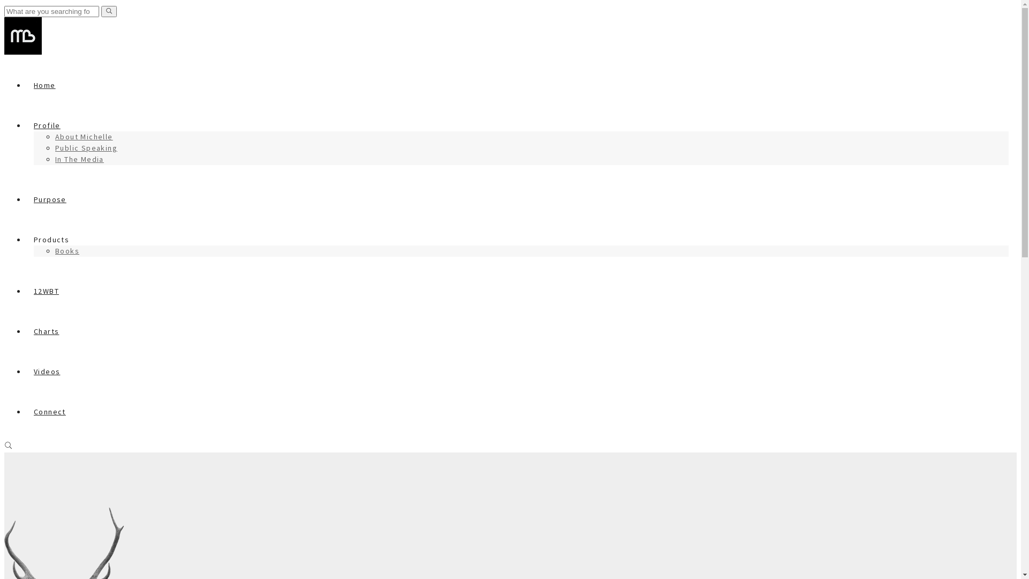 This screenshot has width=1029, height=579. Describe the element at coordinates (54, 148) in the screenshot. I see `'Public Speaking'` at that location.